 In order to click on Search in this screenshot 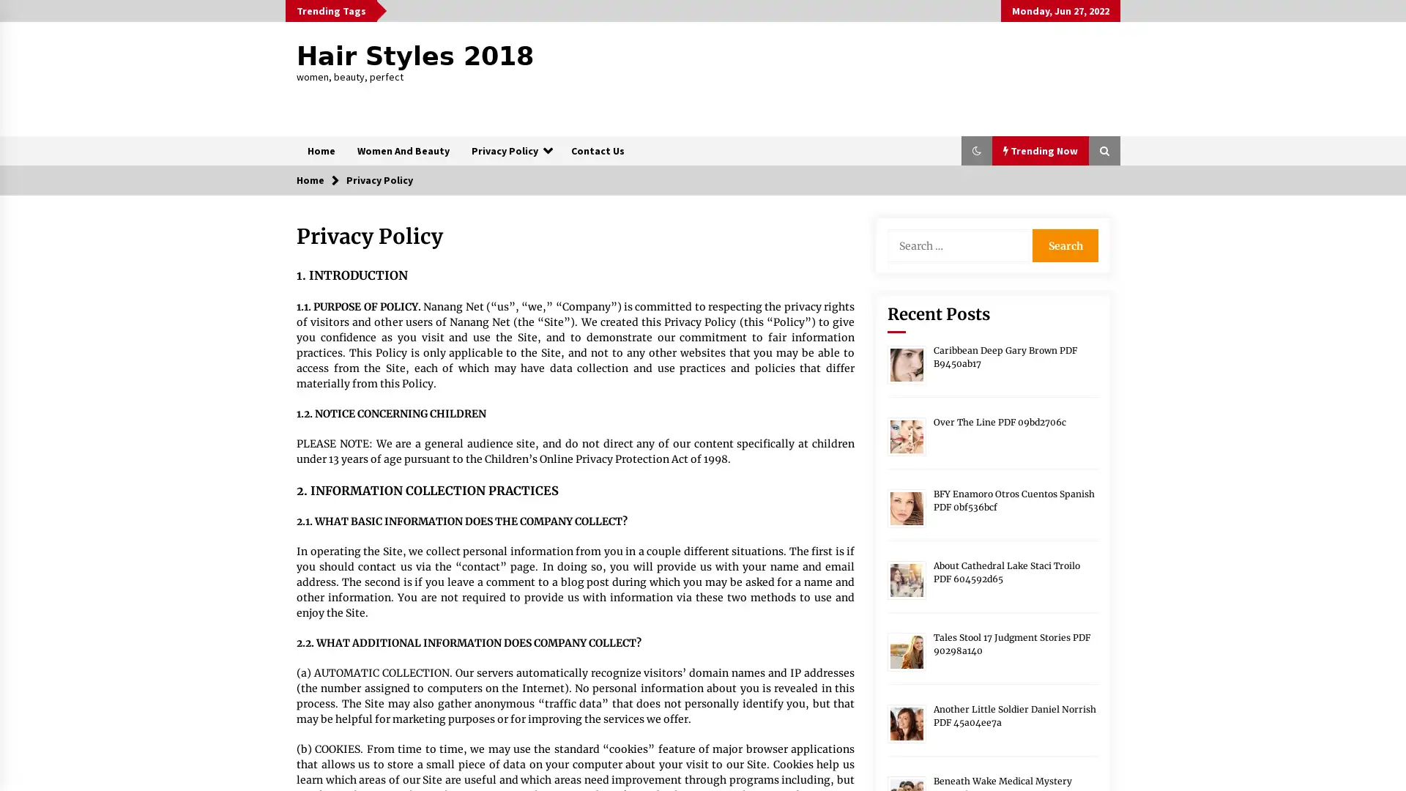, I will do `click(1065, 245)`.